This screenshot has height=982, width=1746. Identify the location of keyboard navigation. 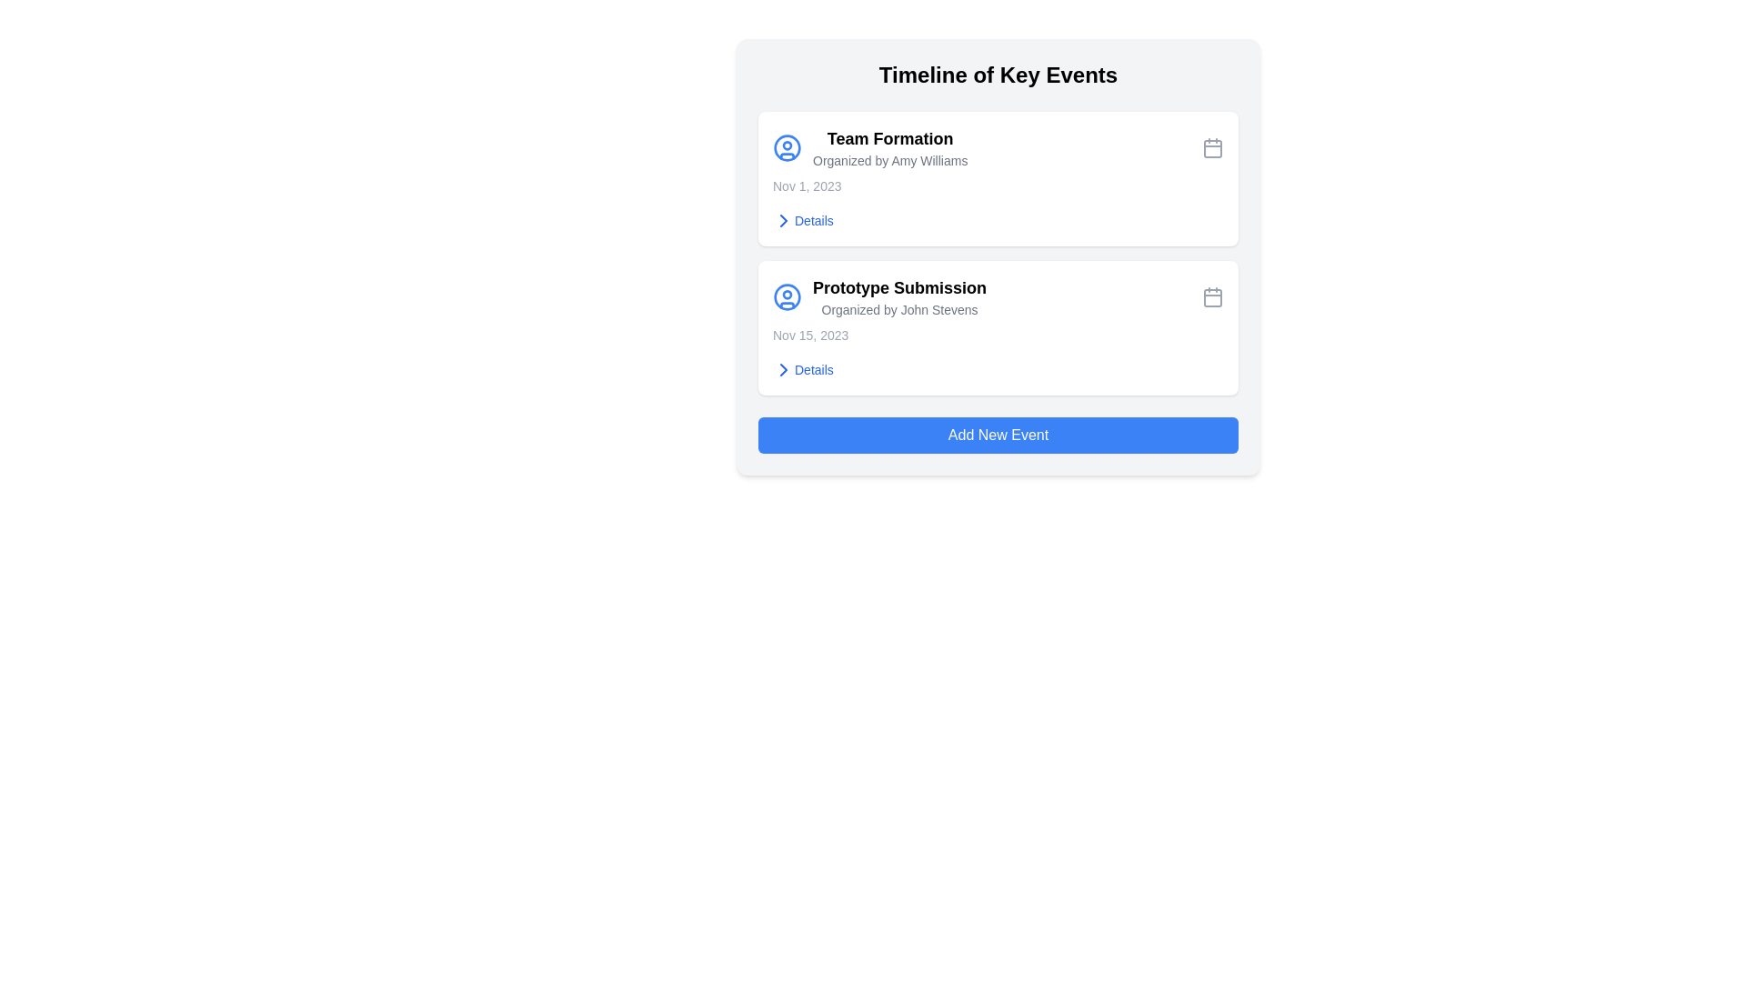
(784, 220).